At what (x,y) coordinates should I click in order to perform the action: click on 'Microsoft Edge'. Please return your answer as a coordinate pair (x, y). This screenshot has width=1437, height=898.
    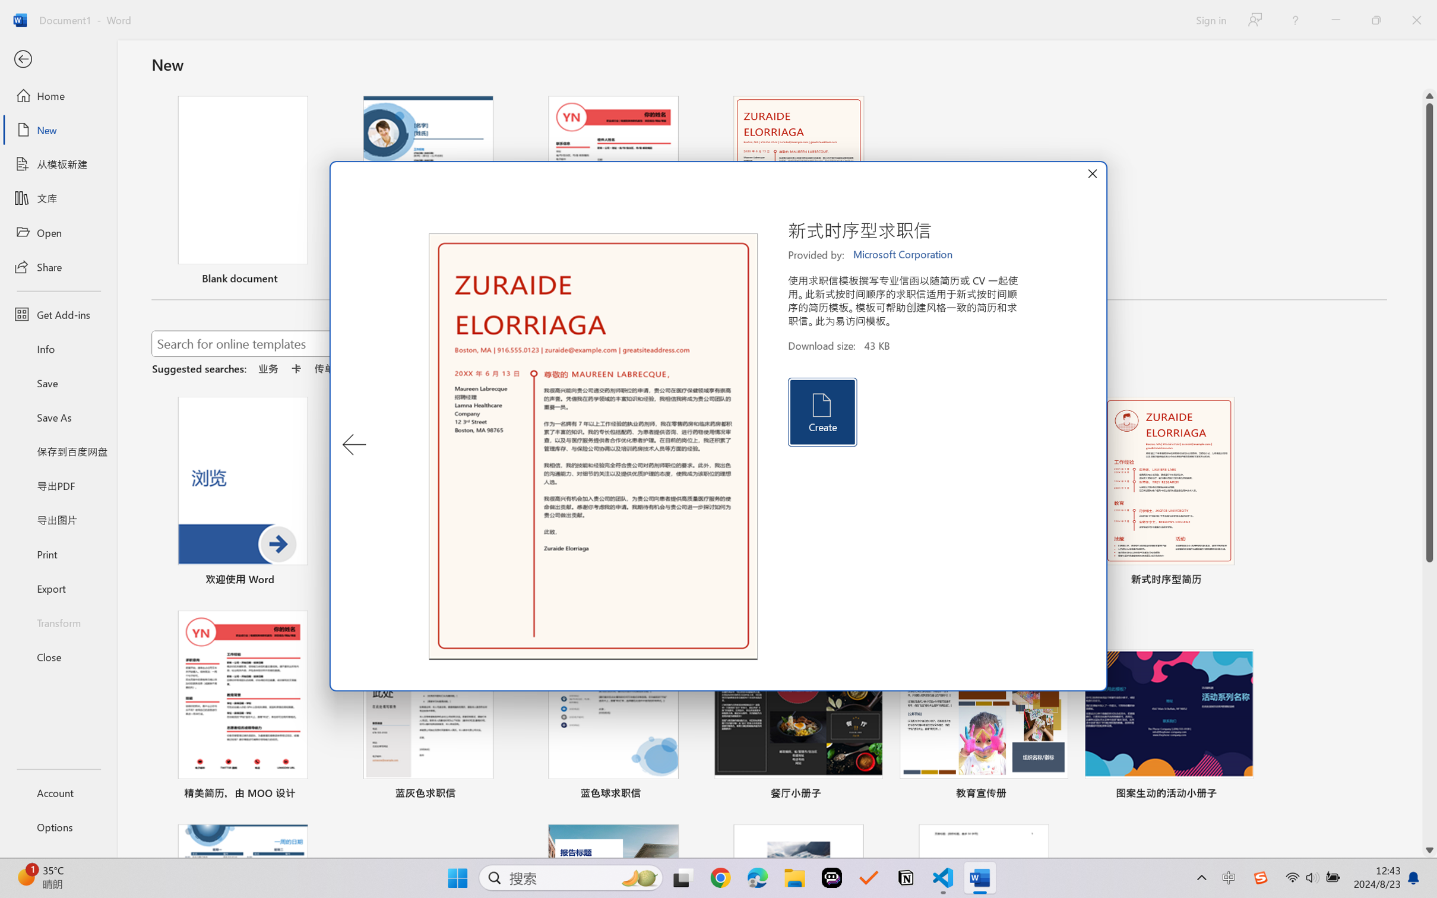
    Looking at the image, I should click on (757, 878).